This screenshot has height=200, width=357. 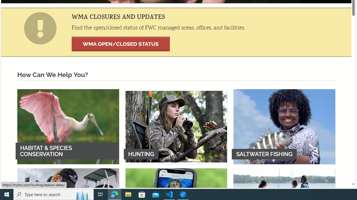 I want to click on 'HUNTING', so click(x=176, y=126).